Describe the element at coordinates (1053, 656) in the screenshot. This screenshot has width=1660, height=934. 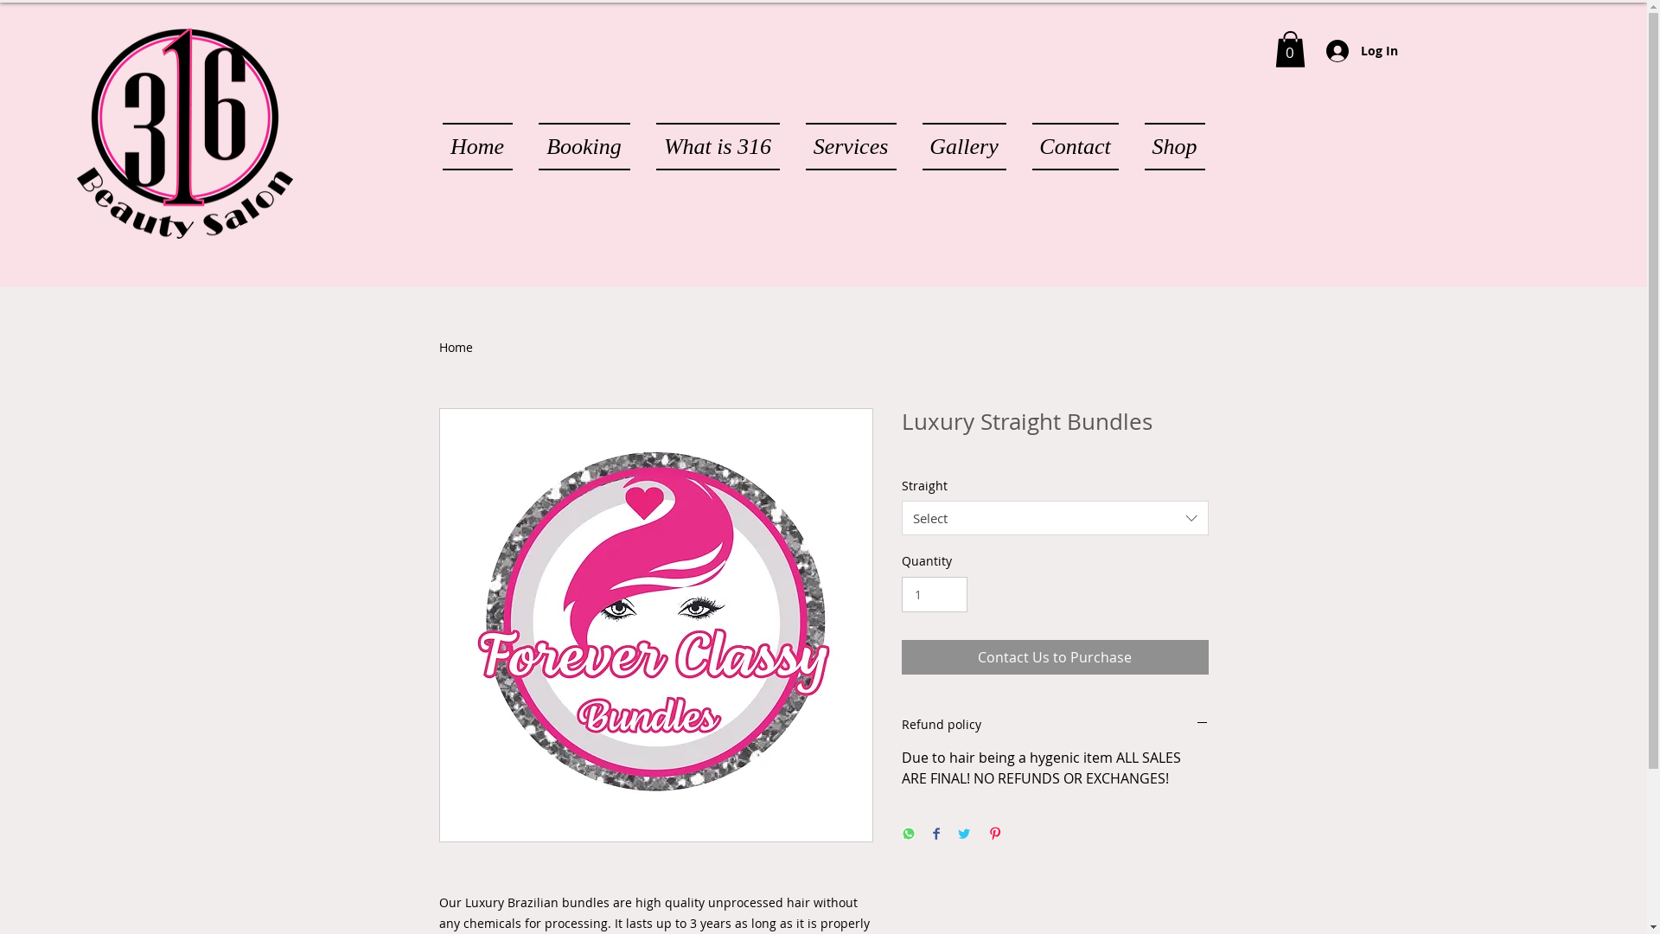
I see `'Contact Us to Purchase'` at that location.